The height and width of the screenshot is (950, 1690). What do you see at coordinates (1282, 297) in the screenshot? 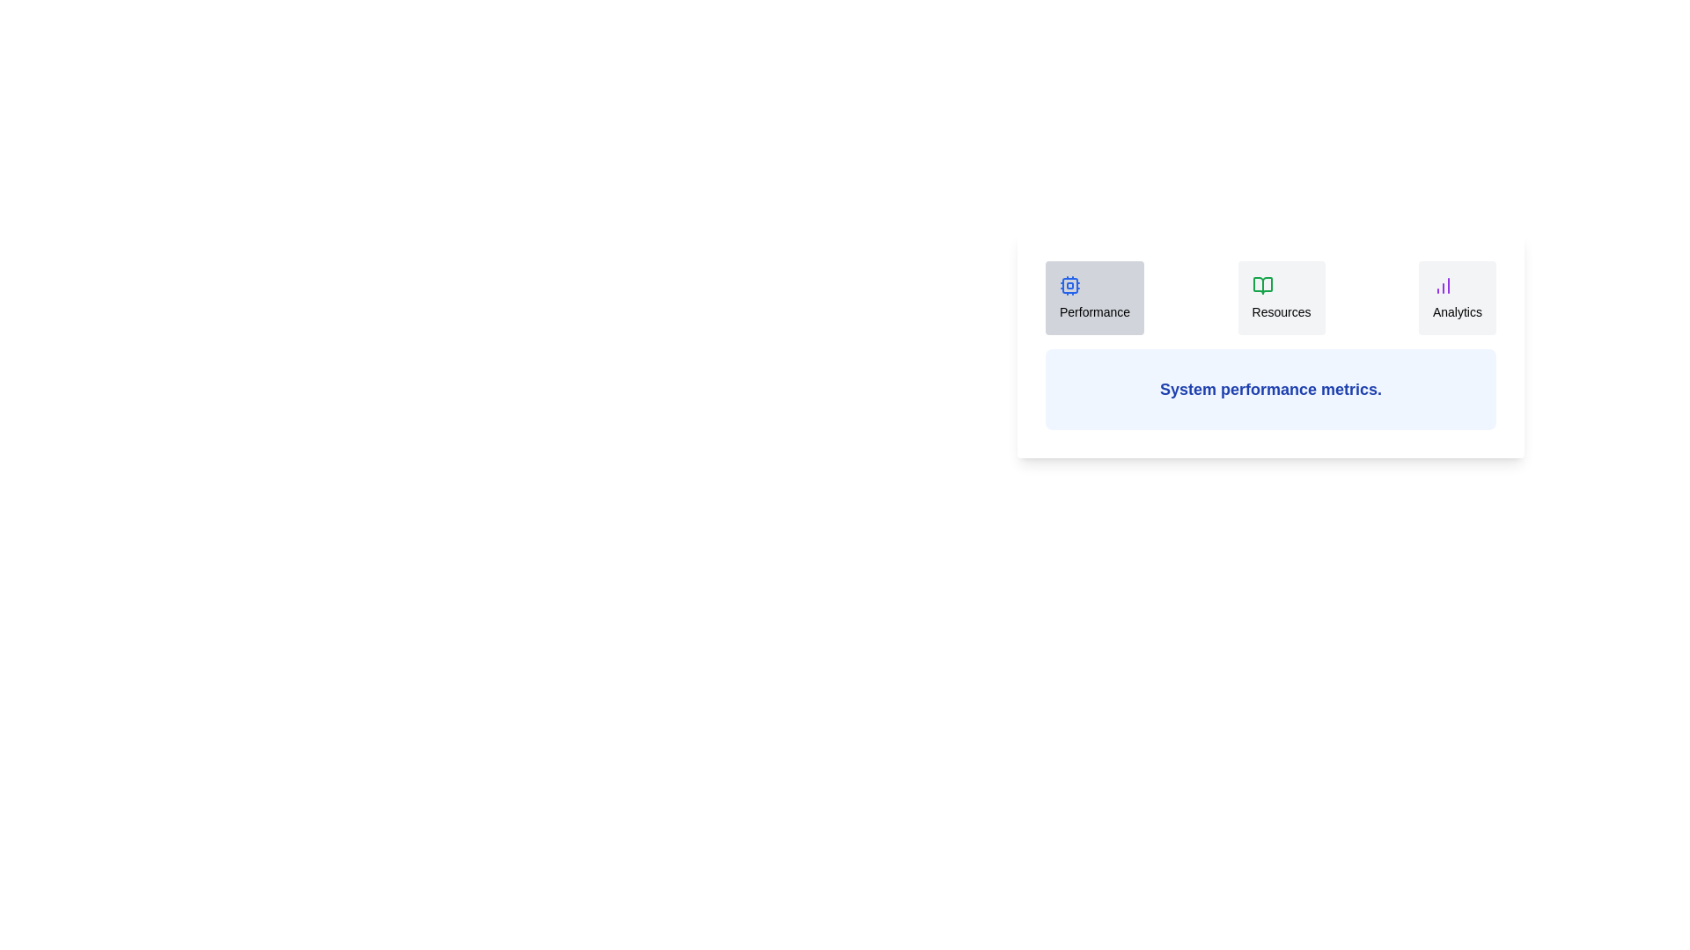
I see `the Resources tab to view its content` at bounding box center [1282, 297].